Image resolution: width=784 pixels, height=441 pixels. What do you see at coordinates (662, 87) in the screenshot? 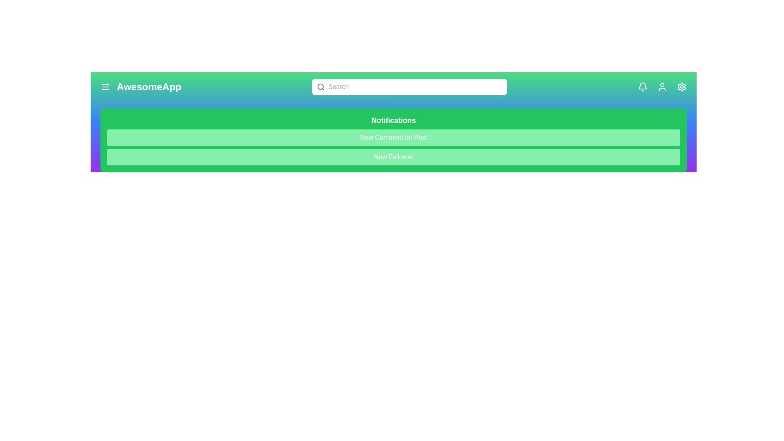
I see `the user profile icon located` at bounding box center [662, 87].